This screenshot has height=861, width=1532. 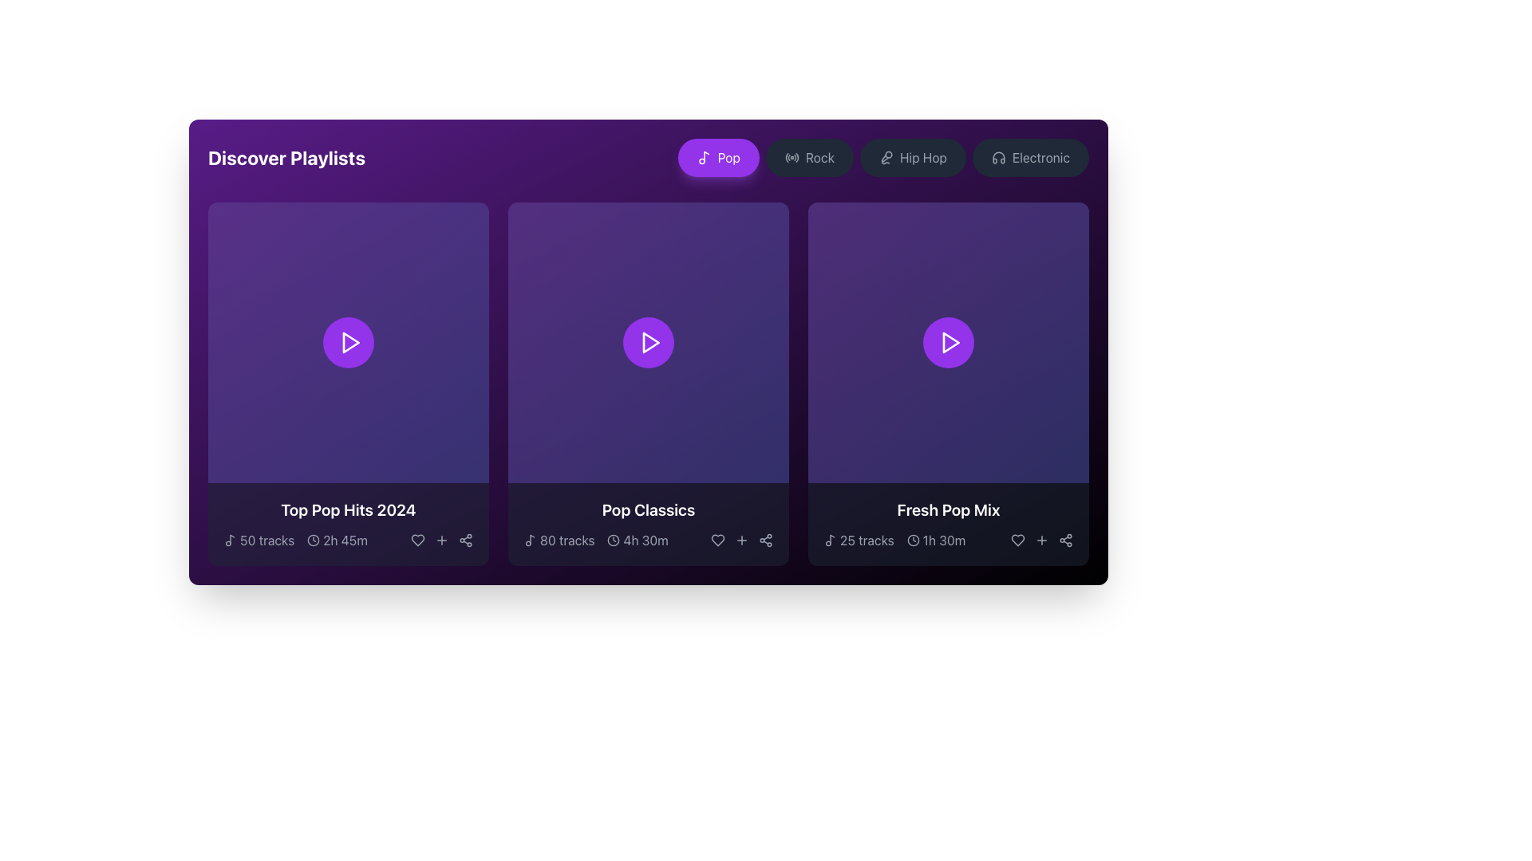 What do you see at coordinates (1041, 540) in the screenshot?
I see `the '+' icon button located in the controls section of the 'Fresh Pop Mix' playlist card` at bounding box center [1041, 540].